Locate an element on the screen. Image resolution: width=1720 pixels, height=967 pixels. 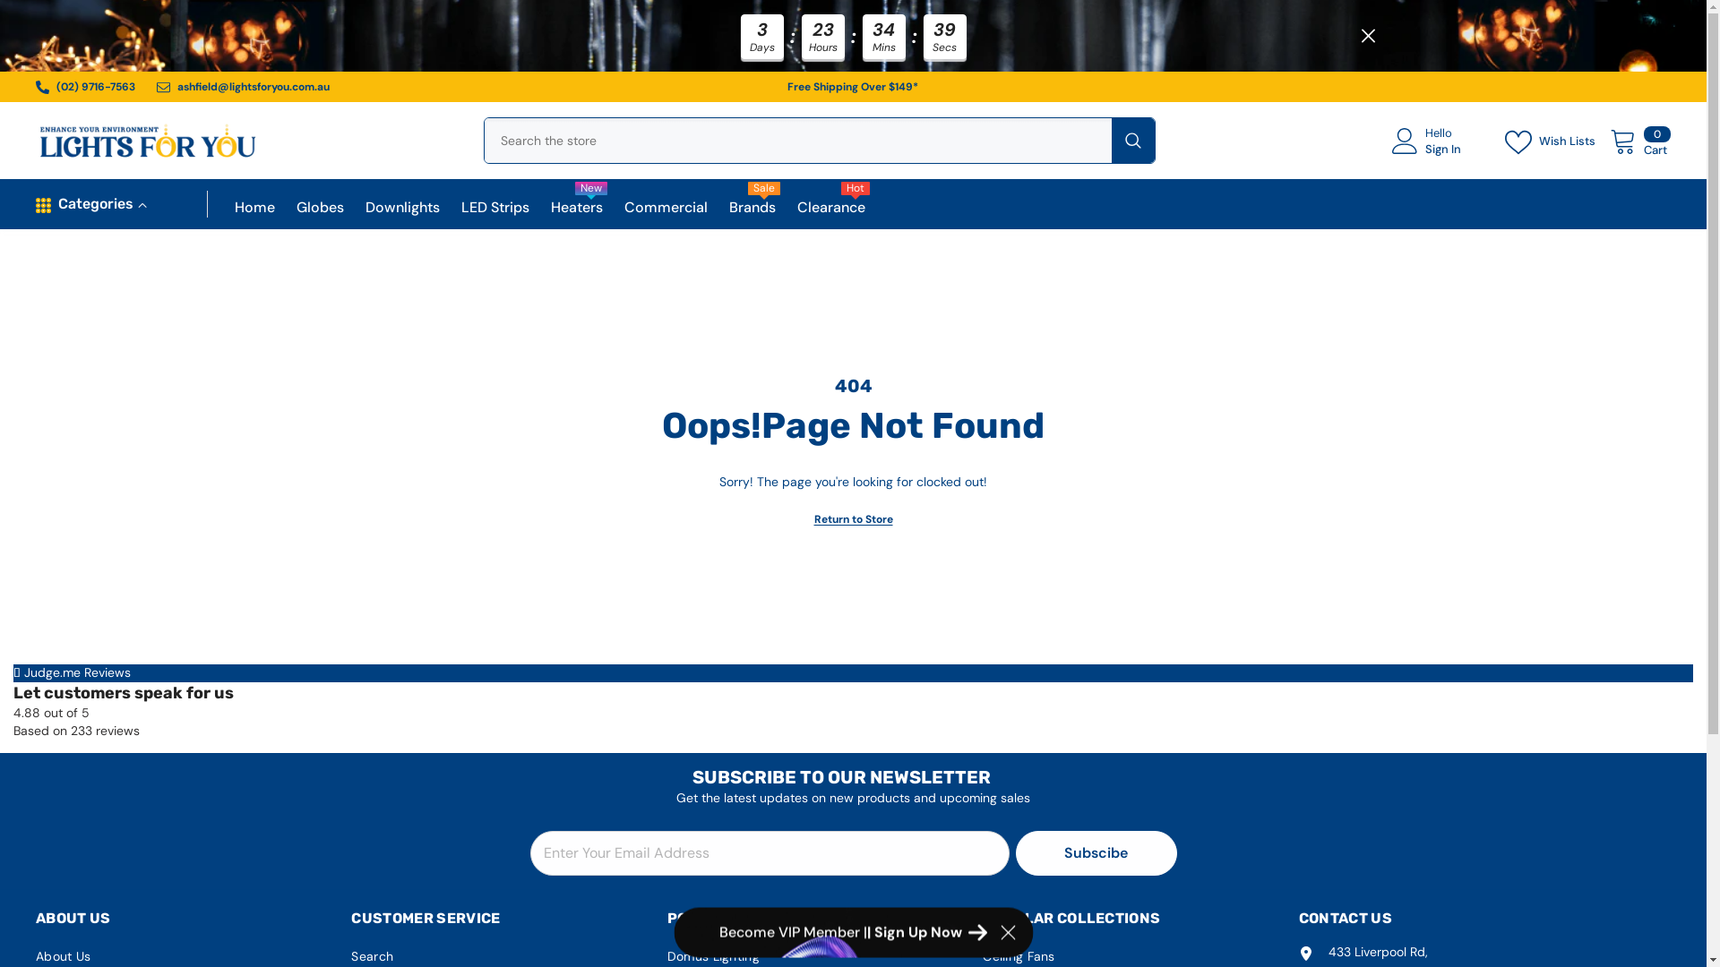
'Hello is located at coordinates (1391, 143).